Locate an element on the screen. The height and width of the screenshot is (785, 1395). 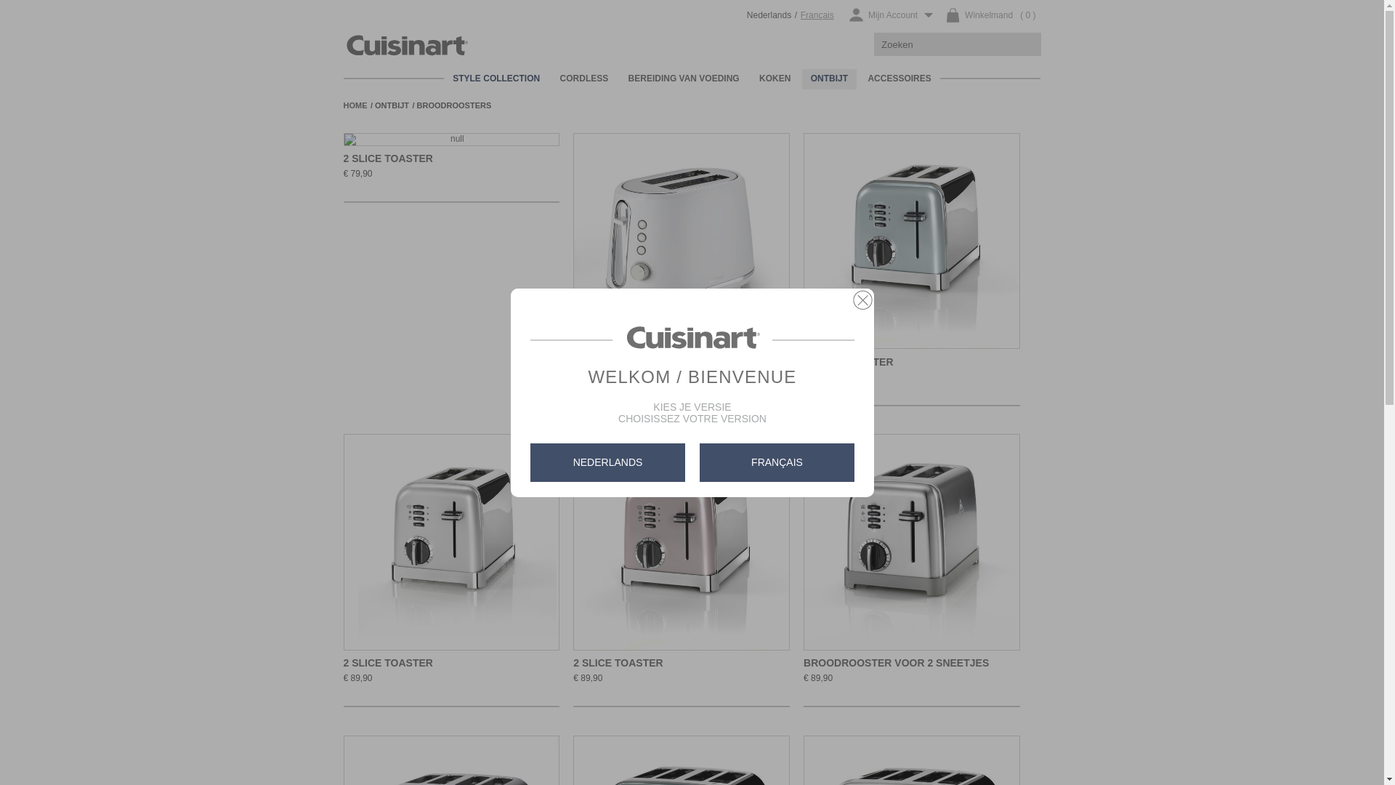
'Cuisinart Belgie' is located at coordinates (421, 30).